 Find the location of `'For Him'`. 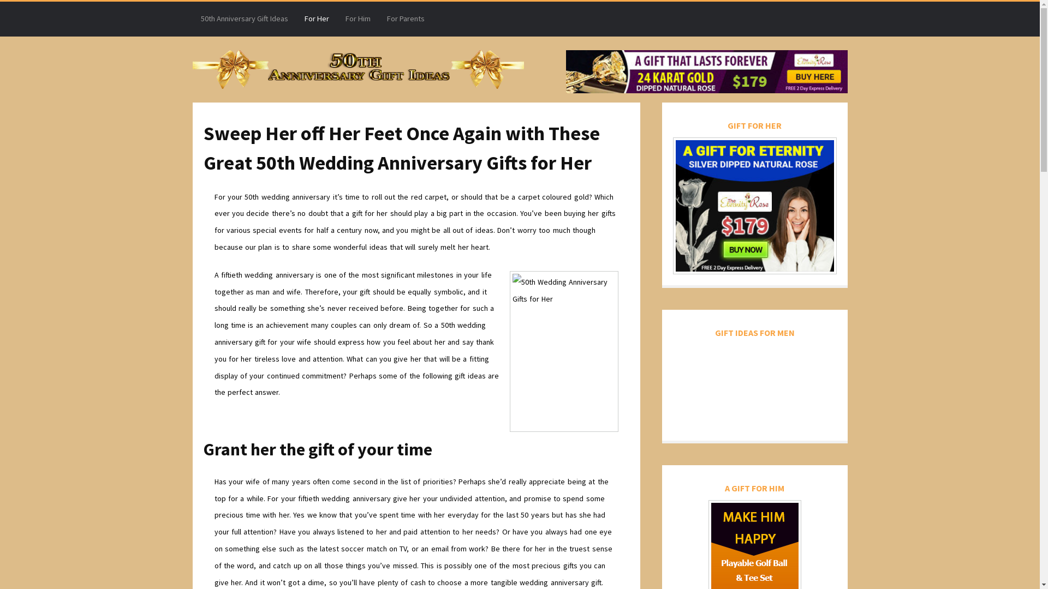

'For Him' is located at coordinates (358, 19).